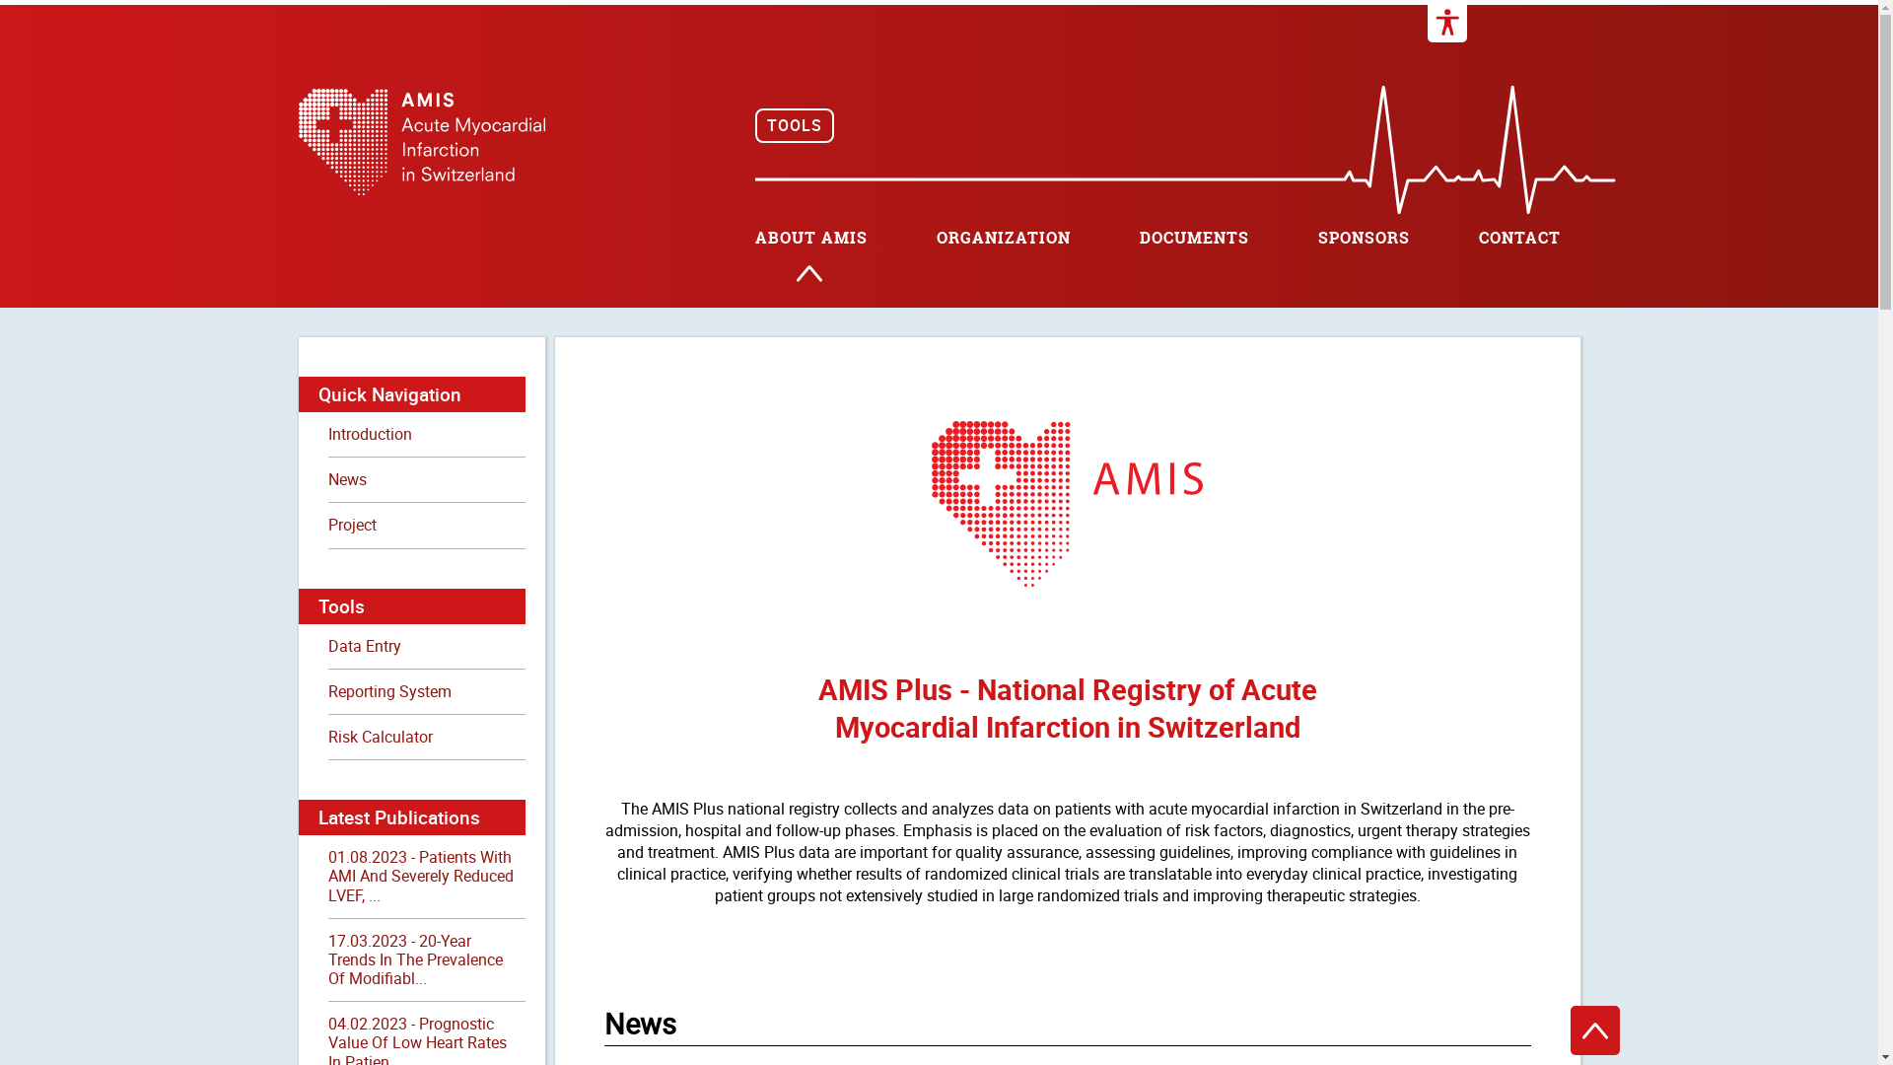 This screenshot has width=1893, height=1065. What do you see at coordinates (1594, 1029) in the screenshot?
I see `'To the top'` at bounding box center [1594, 1029].